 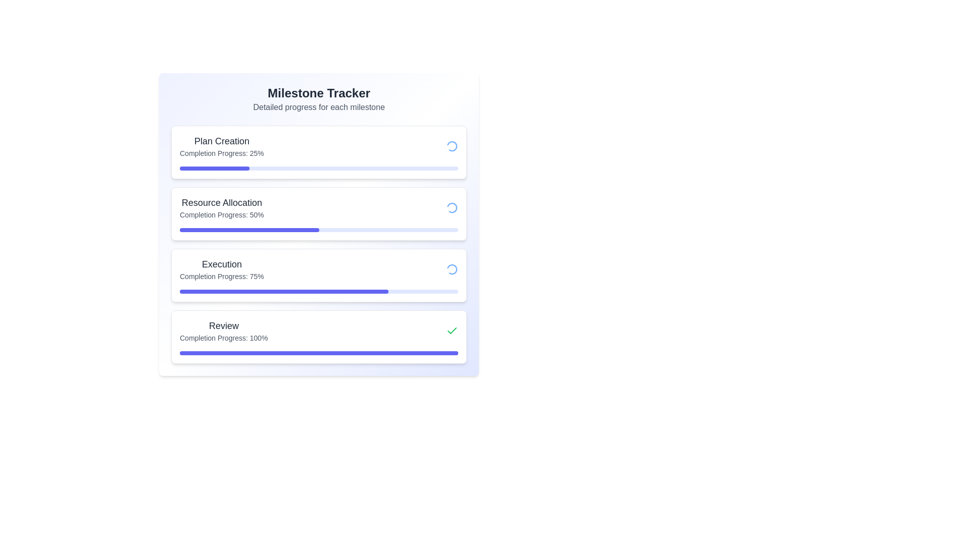 I want to click on the Loading Spinner located on the right side of the 'Execution' milestone to understand the progress indication, so click(x=451, y=268).